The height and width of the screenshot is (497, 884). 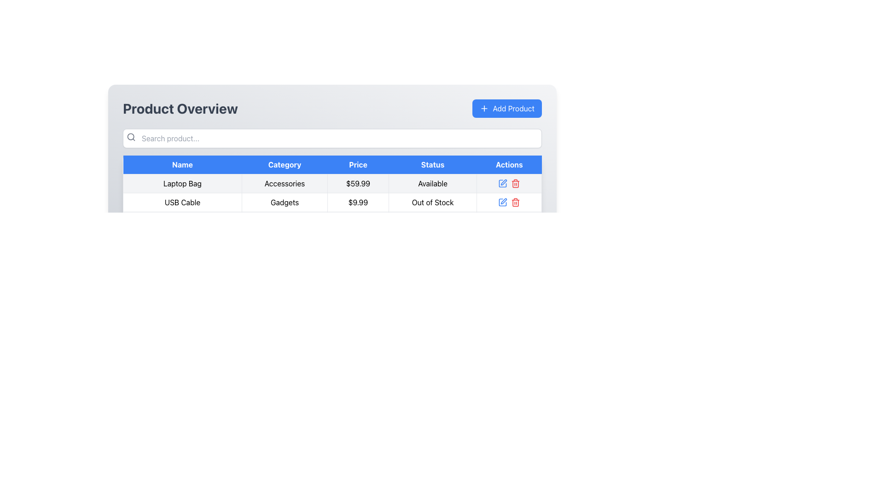 I want to click on the price label displaying '$9.99' in the third column of the second row of the table, which contains information about 'USB Cable' and 'Gadgets', so click(x=357, y=202).